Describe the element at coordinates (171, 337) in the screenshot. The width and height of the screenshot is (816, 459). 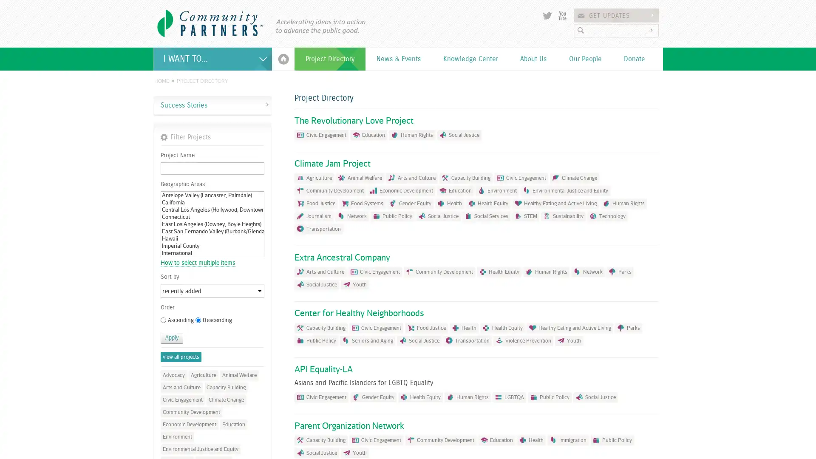
I see `Apply` at that location.